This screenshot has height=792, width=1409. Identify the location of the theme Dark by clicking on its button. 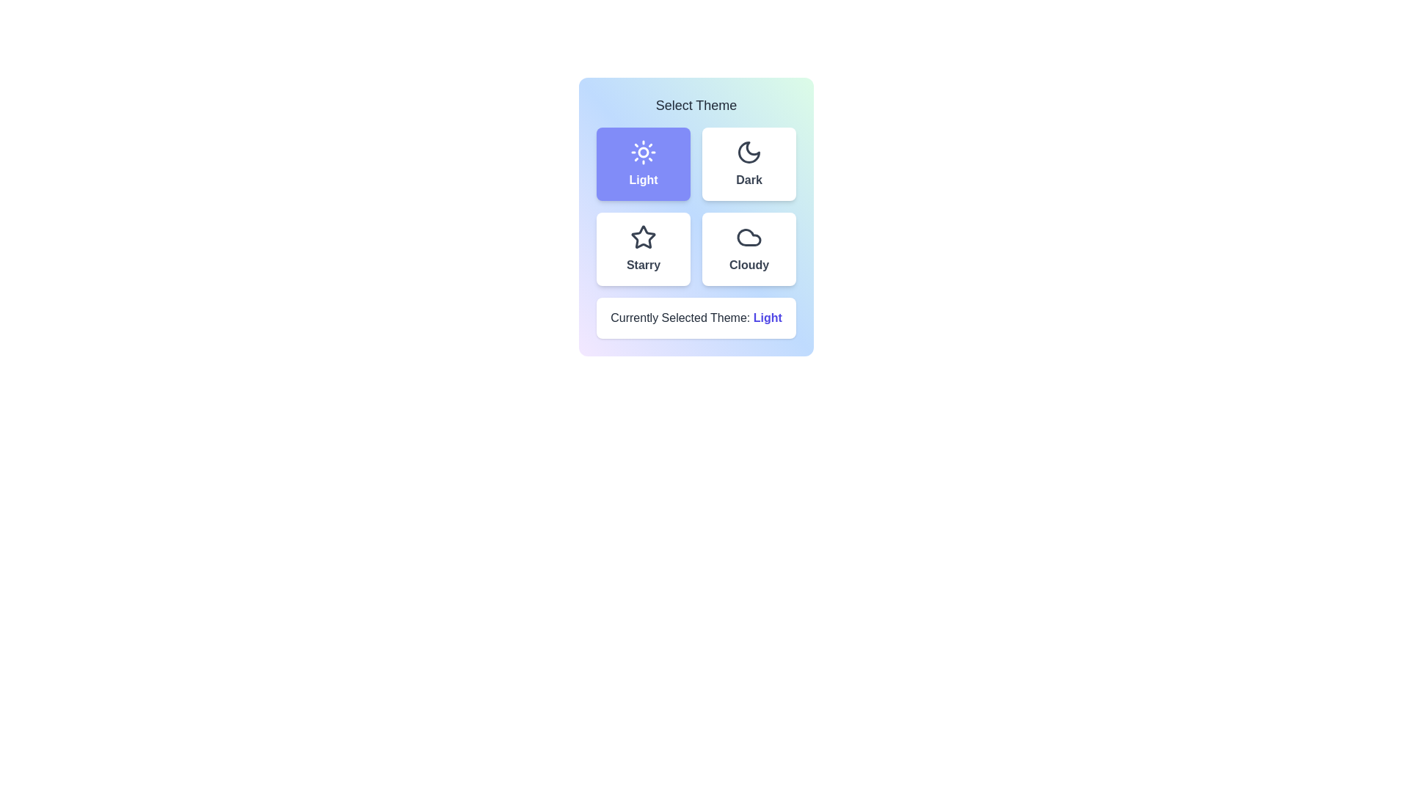
(749, 164).